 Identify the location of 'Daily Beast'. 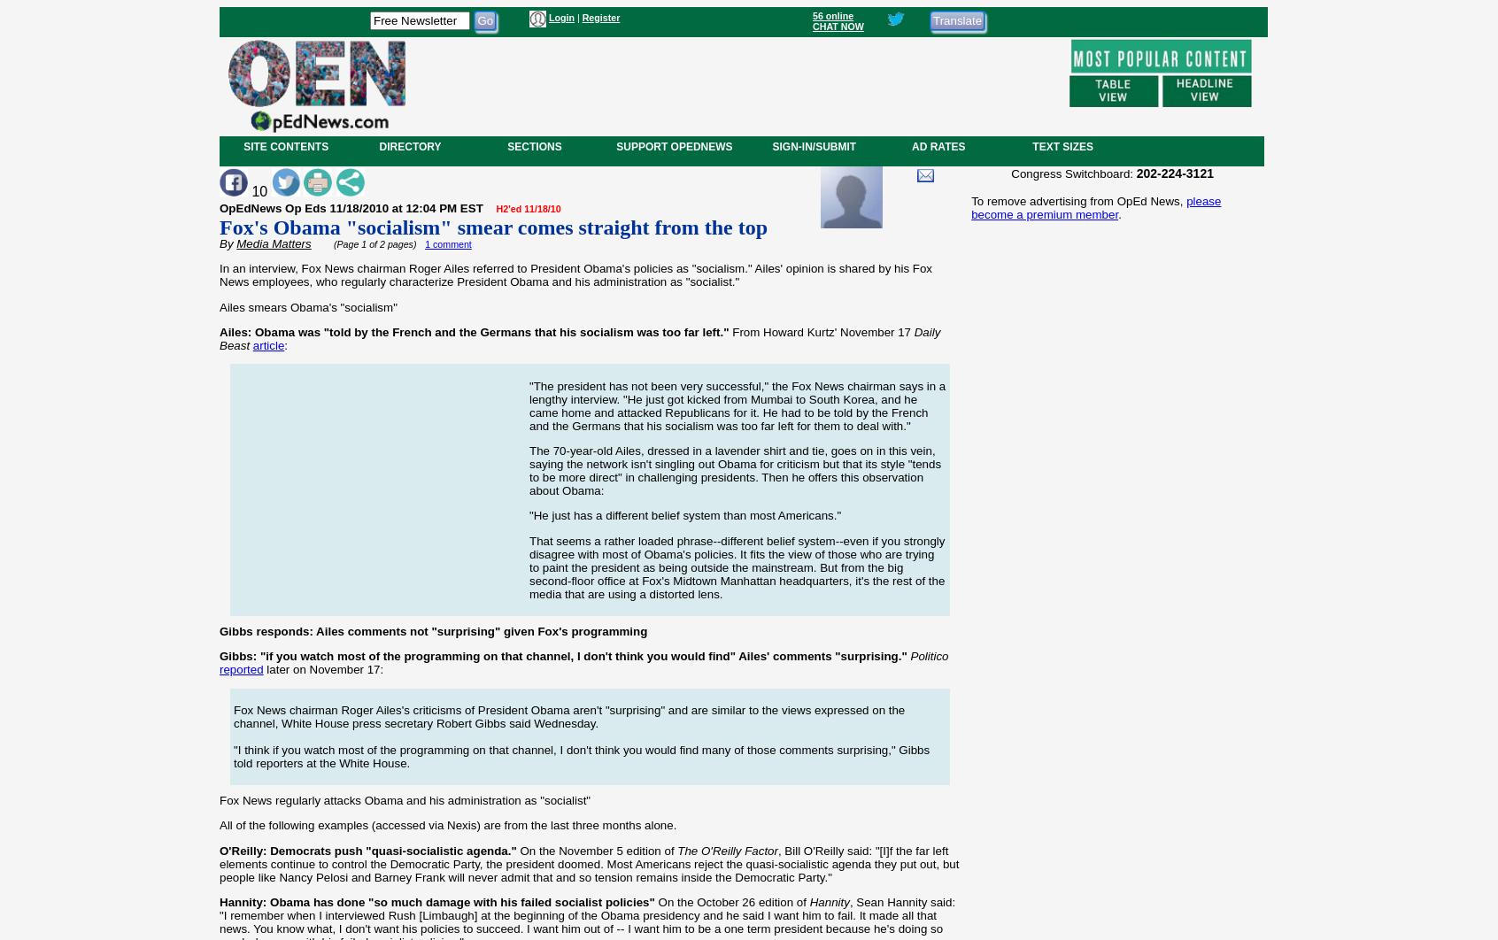
(579, 337).